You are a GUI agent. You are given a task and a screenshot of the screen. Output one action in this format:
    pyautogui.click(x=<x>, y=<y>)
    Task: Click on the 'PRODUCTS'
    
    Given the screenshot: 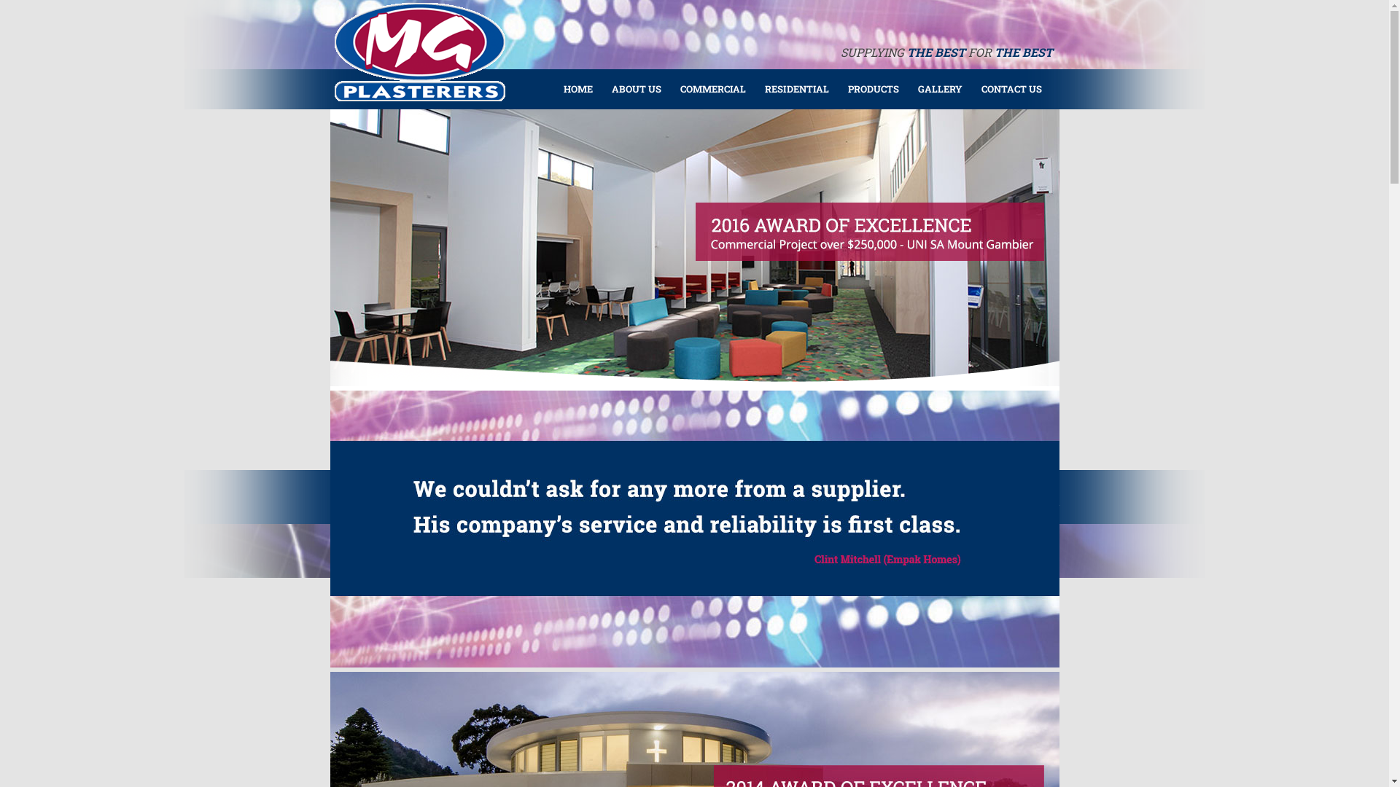 What is the action you would take?
    pyautogui.click(x=871, y=87)
    